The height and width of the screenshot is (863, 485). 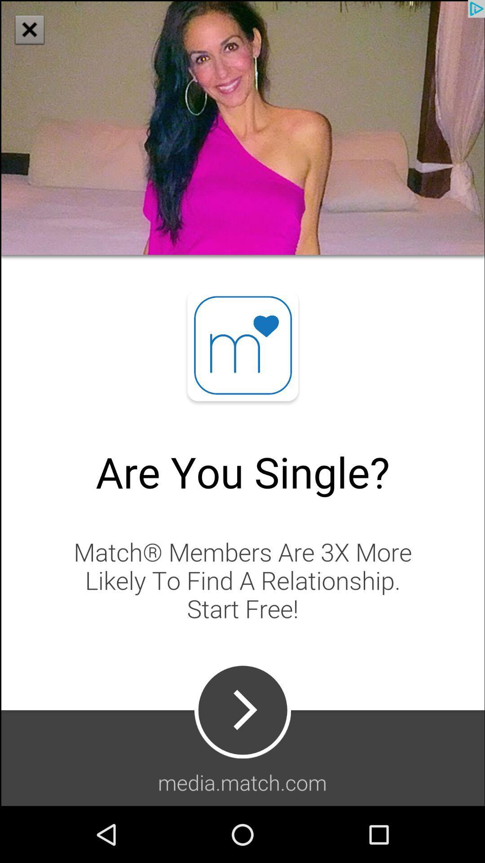 What do you see at coordinates (29, 31) in the screenshot?
I see `the close icon` at bounding box center [29, 31].